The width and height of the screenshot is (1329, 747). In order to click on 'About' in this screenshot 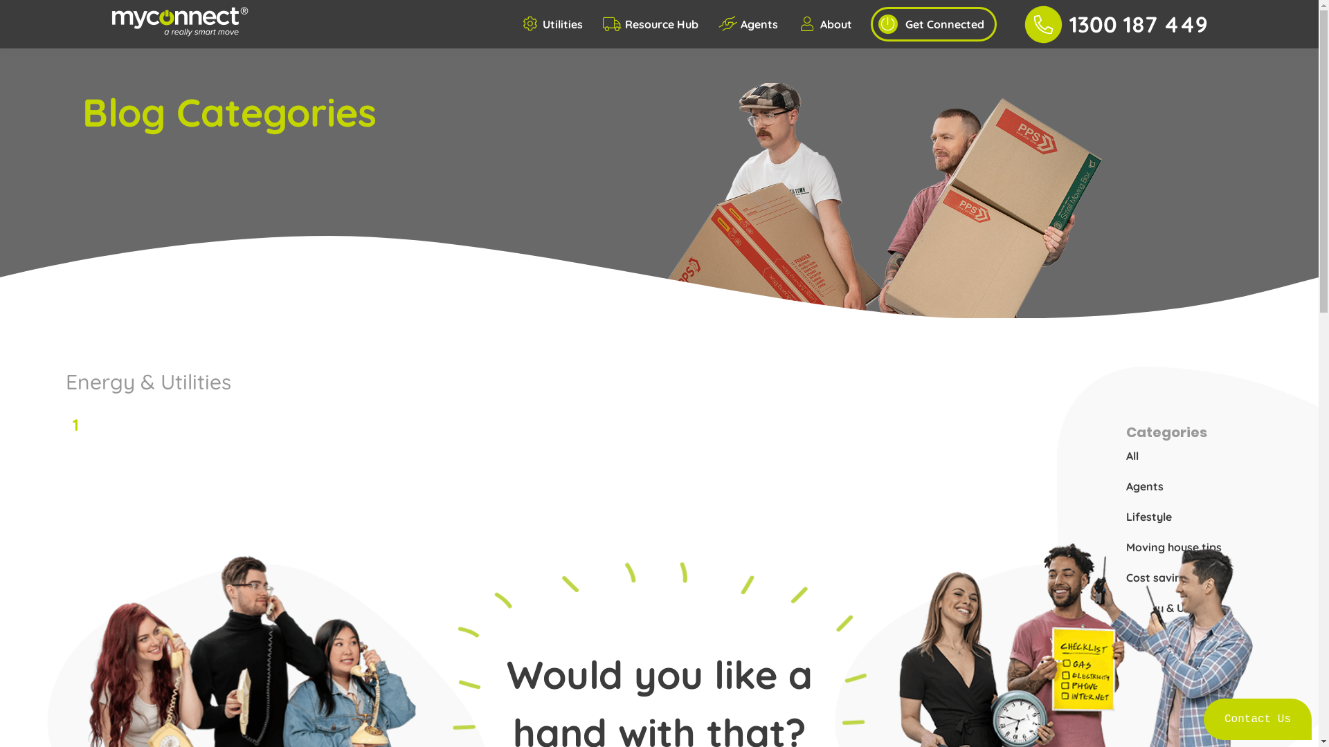, I will do `click(826, 24)`.